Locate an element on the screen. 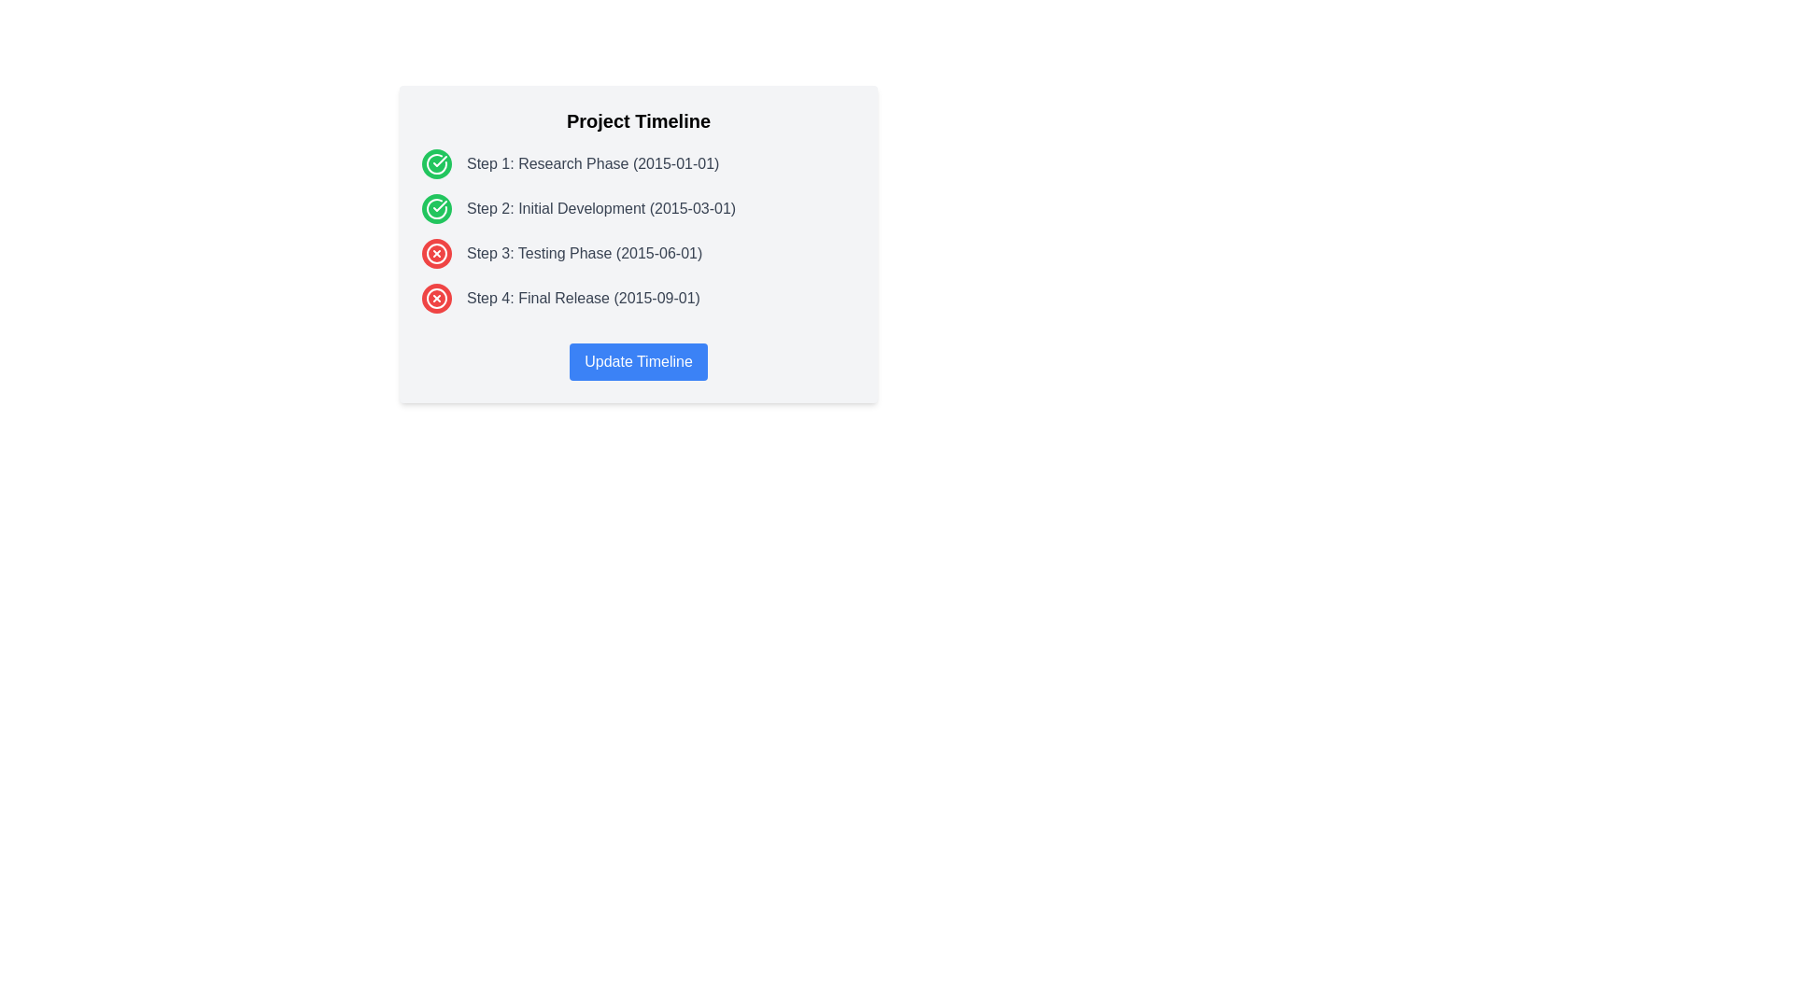 The image size is (1793, 1008). the project timeline element is located at coordinates (639, 230).